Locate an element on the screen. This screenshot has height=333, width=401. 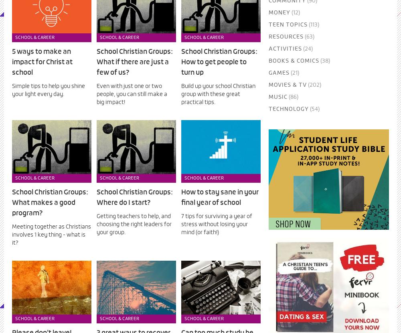
'Even with just one or two people, you can still make a big impact!' is located at coordinates (132, 94).